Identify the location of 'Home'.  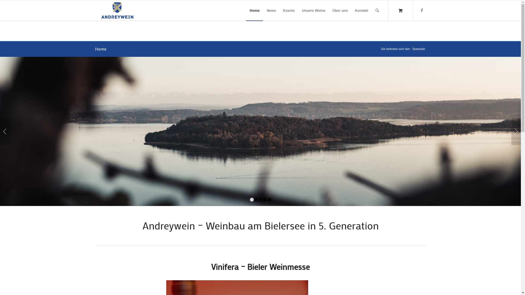
(101, 48).